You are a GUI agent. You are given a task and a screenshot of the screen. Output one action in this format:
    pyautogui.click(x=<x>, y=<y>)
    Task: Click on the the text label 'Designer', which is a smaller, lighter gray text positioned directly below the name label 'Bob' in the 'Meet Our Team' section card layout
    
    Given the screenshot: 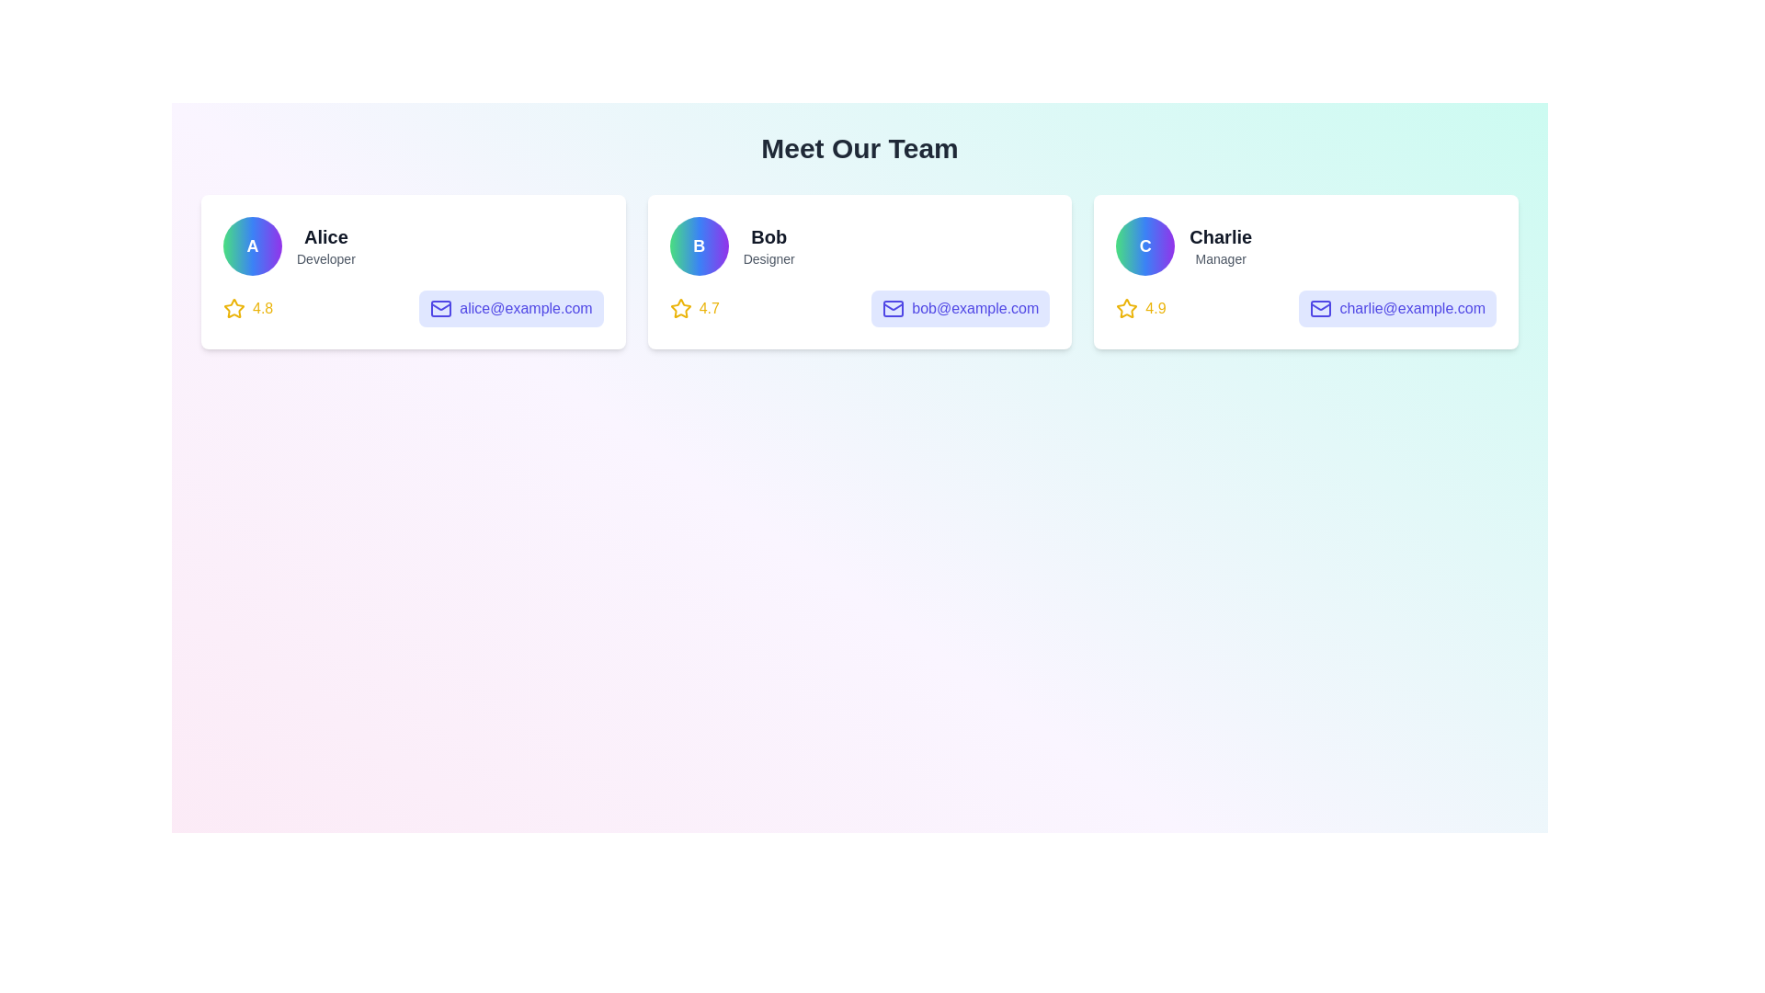 What is the action you would take?
    pyautogui.click(x=769, y=258)
    